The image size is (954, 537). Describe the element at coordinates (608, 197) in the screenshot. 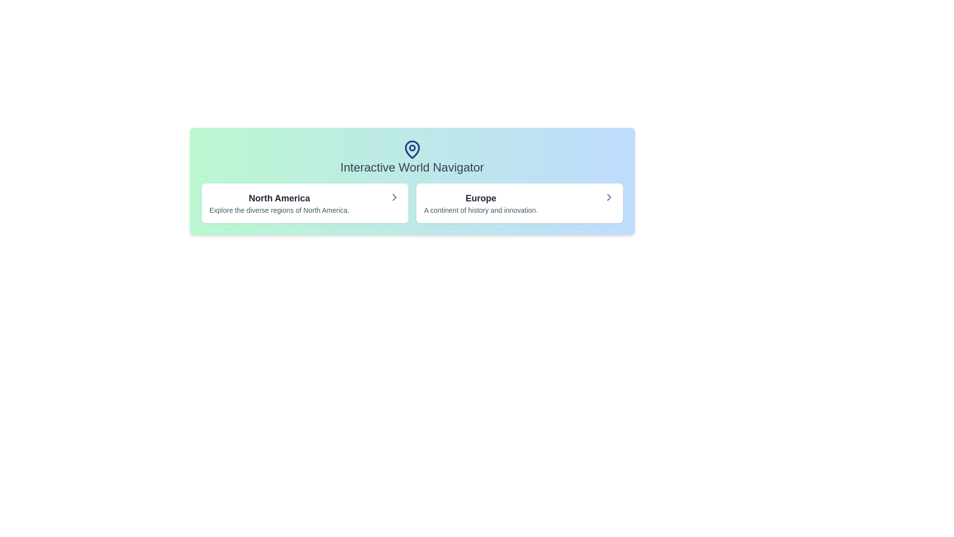

I see `the navigation icon located at the far-right edge of the card containing the text 'Europe A continent of history and innovation' to proceed for further navigation` at that location.